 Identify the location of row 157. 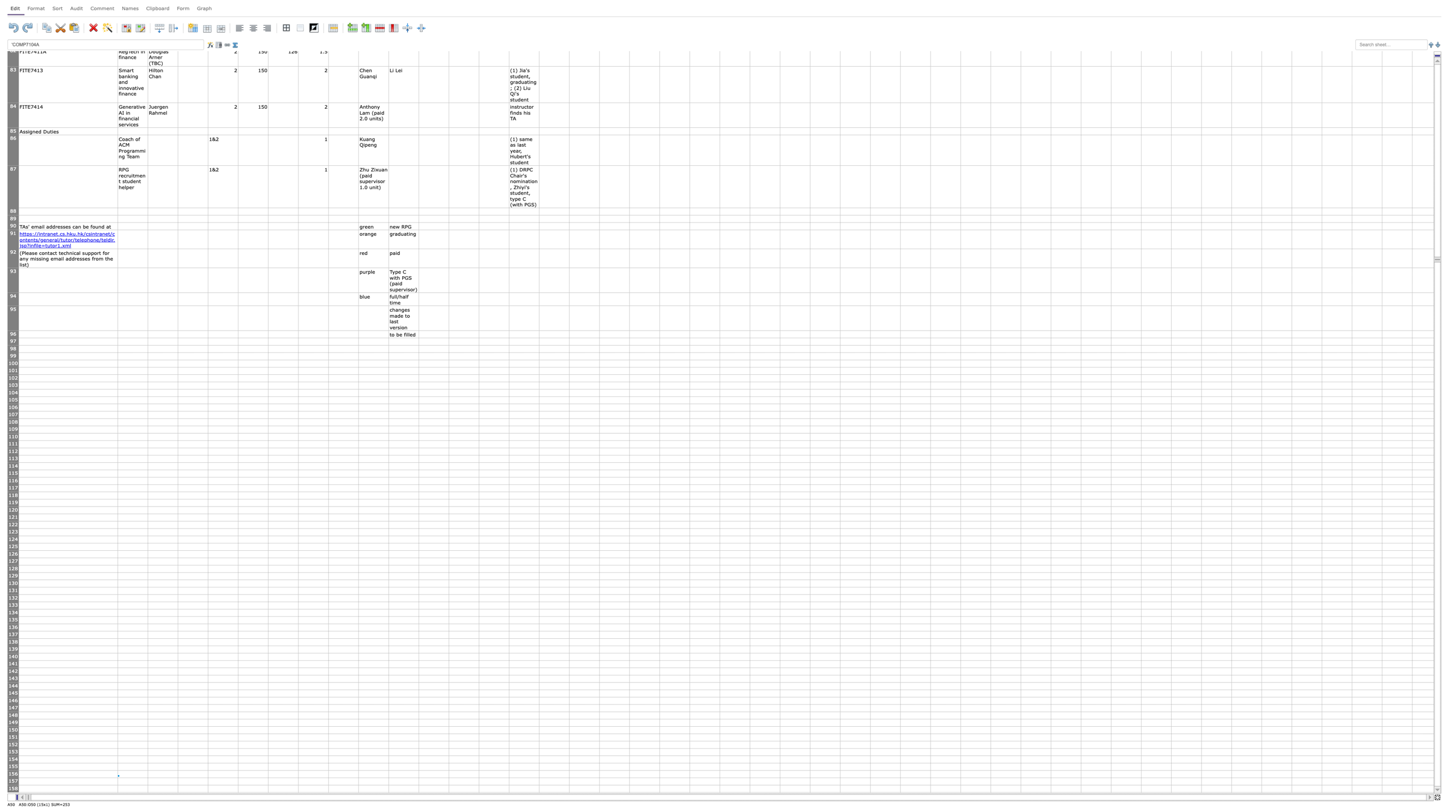
(13, 781).